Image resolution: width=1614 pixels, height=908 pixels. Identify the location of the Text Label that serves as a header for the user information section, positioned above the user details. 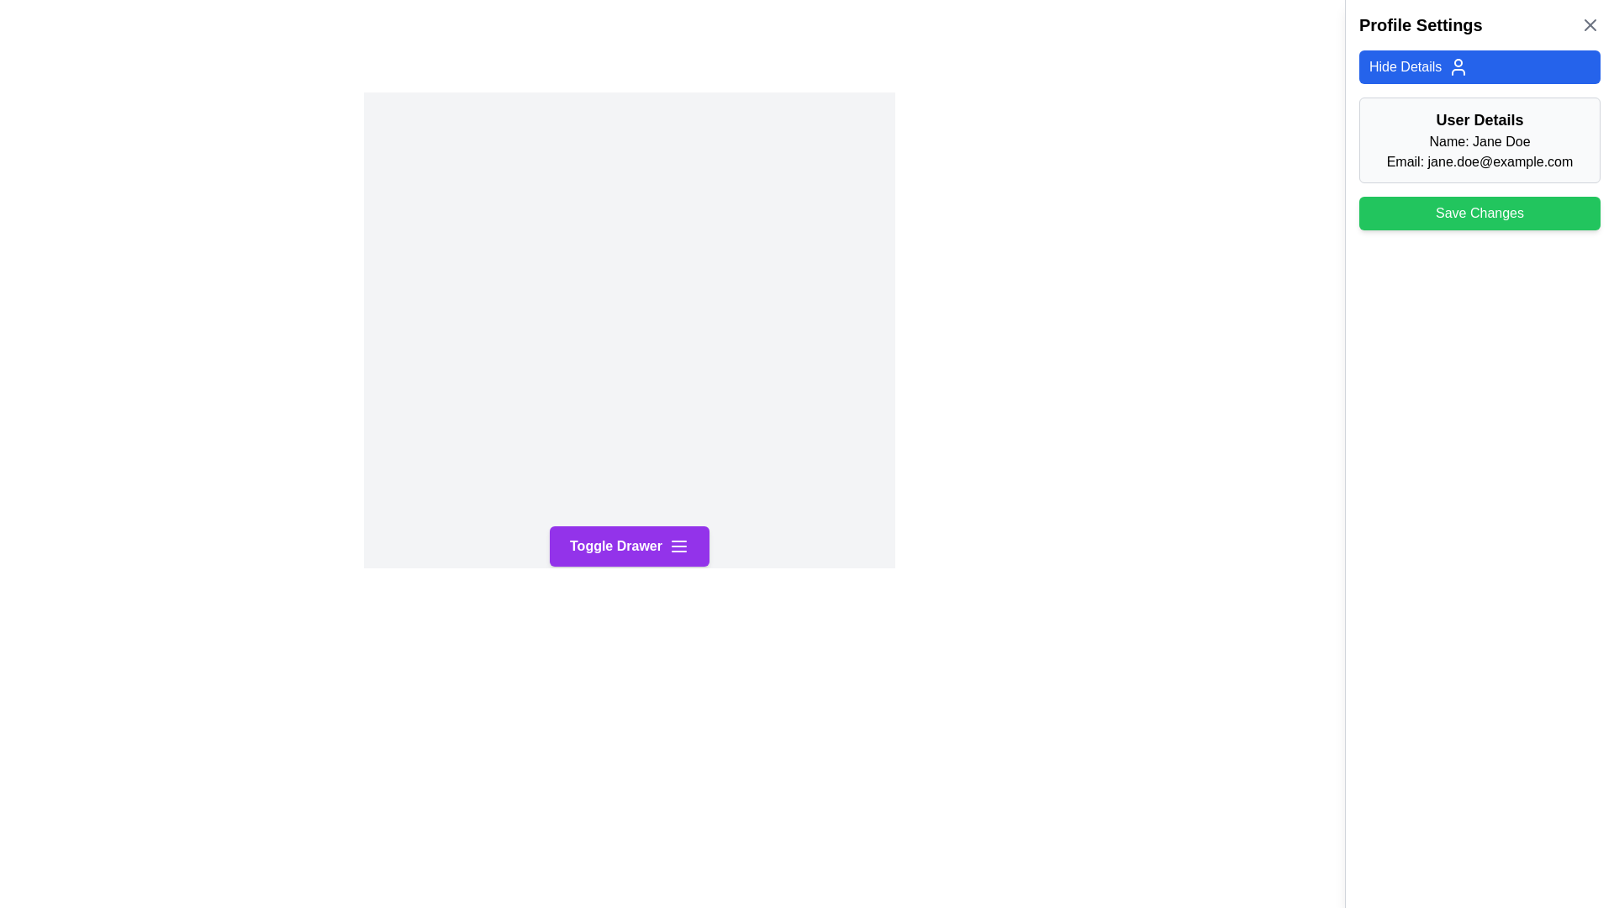
(1479, 119).